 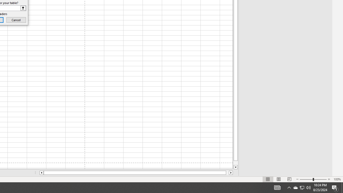 I want to click on 'Class: NetUIScrollBar', so click(x=136, y=173).